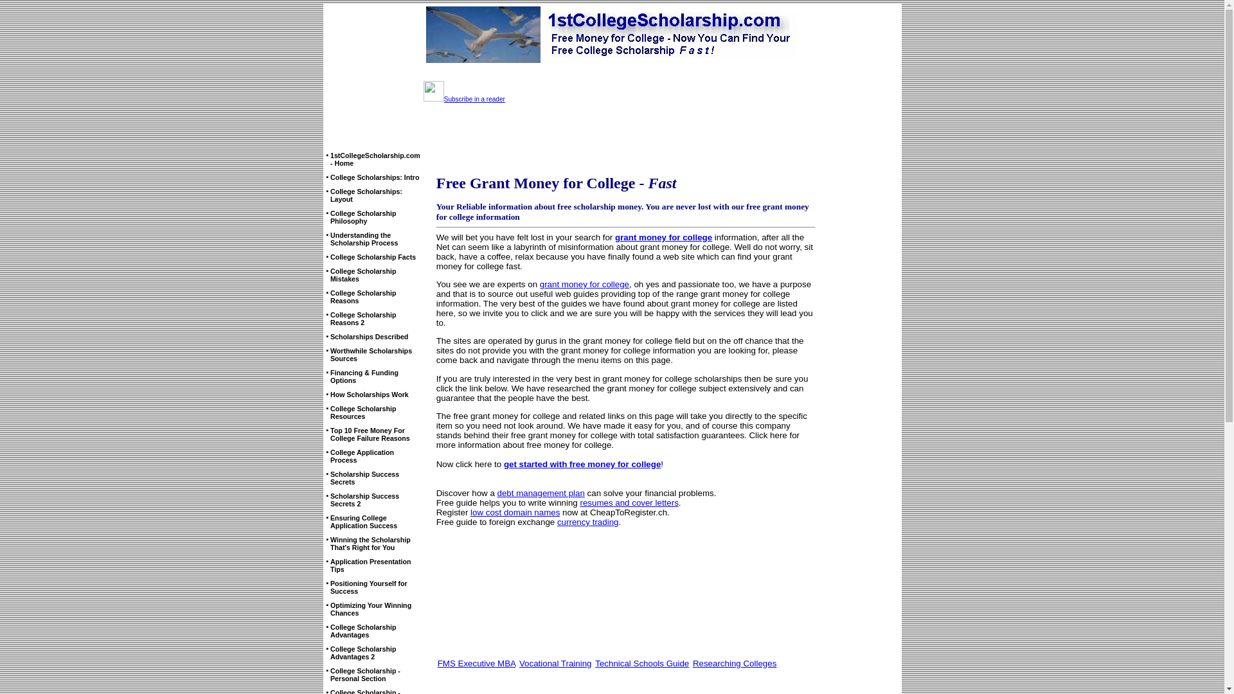 Image resolution: width=1234 pixels, height=694 pixels. Describe the element at coordinates (364, 499) in the screenshot. I see `'Scholarship Success Secrets 2'` at that location.